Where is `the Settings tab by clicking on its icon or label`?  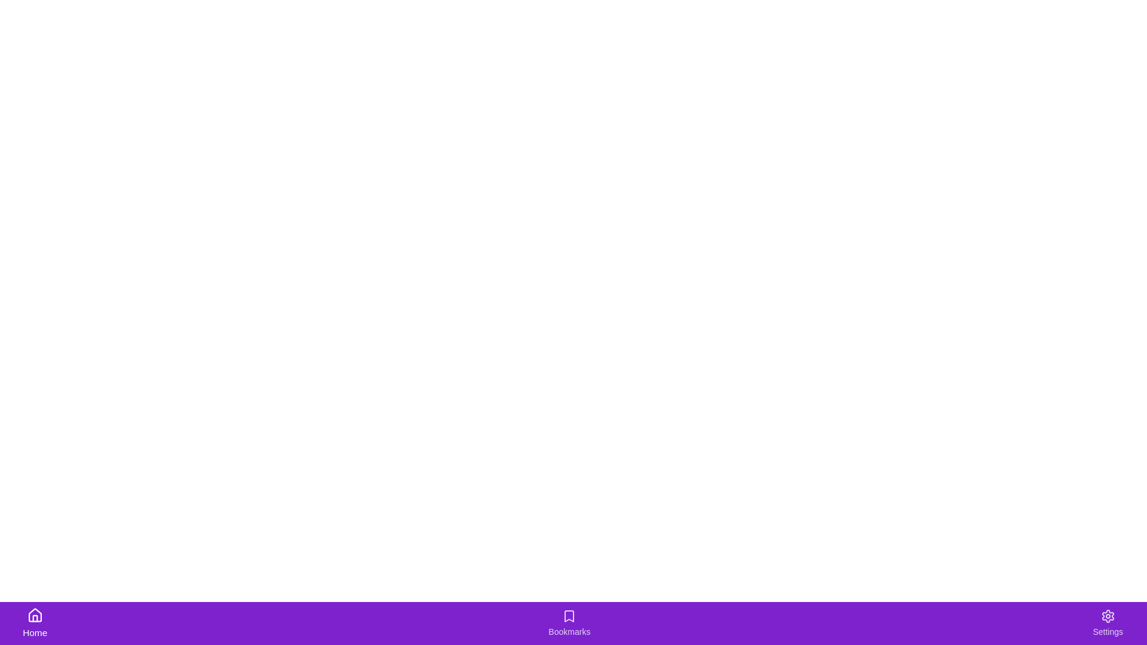
the Settings tab by clicking on its icon or label is located at coordinates (1106, 623).